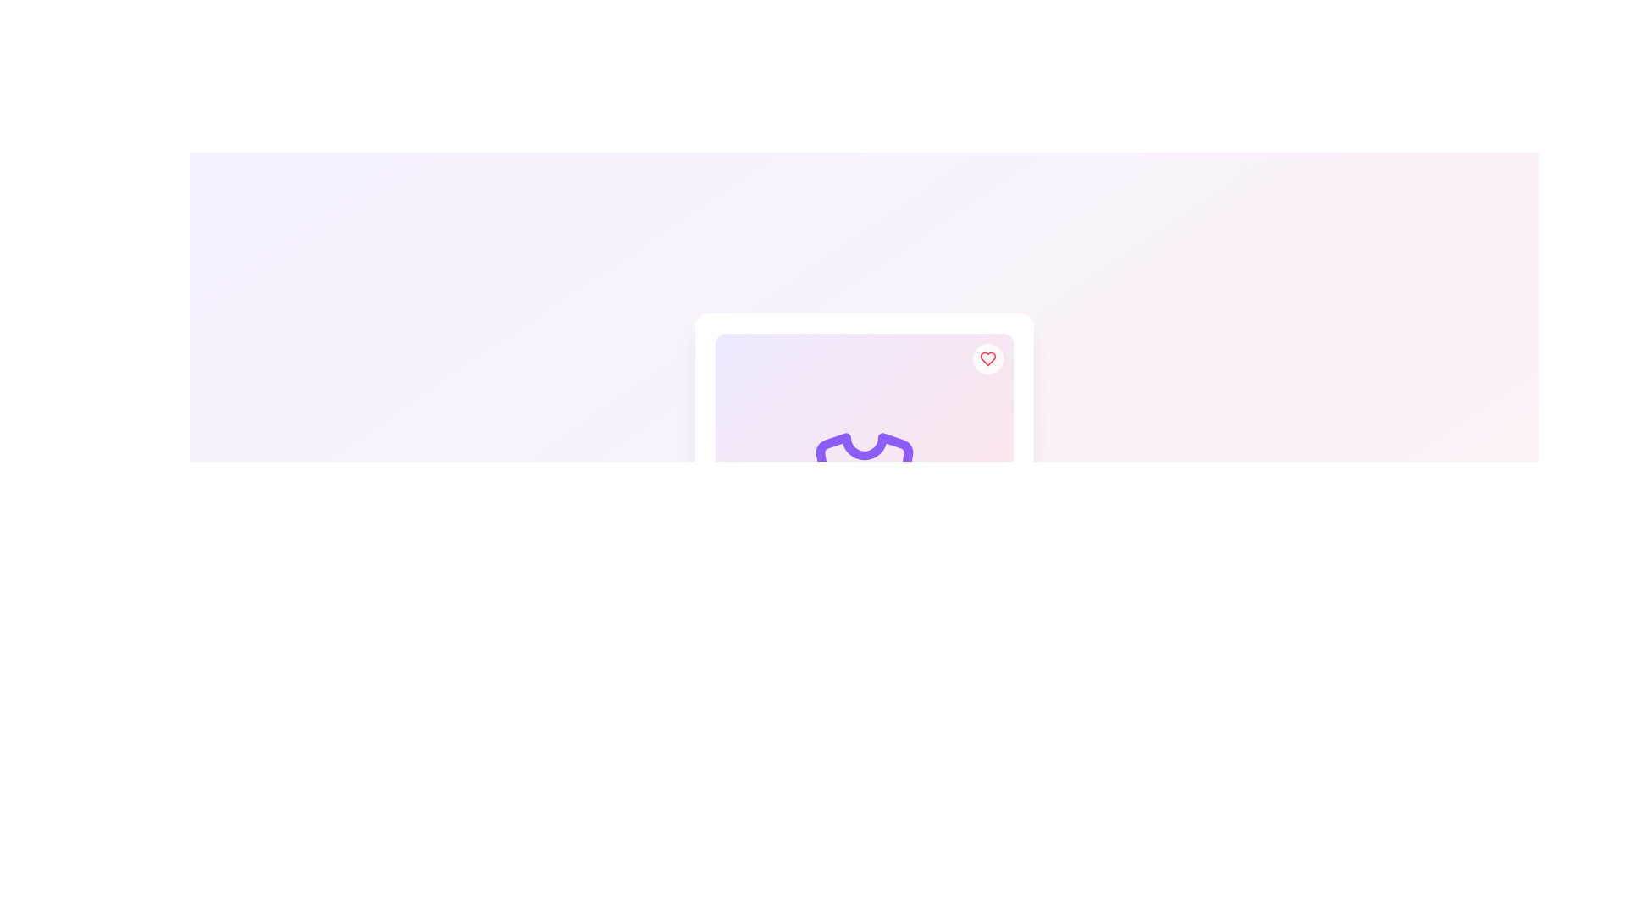 Image resolution: width=1626 pixels, height=915 pixels. Describe the element at coordinates (987, 358) in the screenshot. I see `the favorite icon located at the top-right corner of the card-like UI component` at that location.